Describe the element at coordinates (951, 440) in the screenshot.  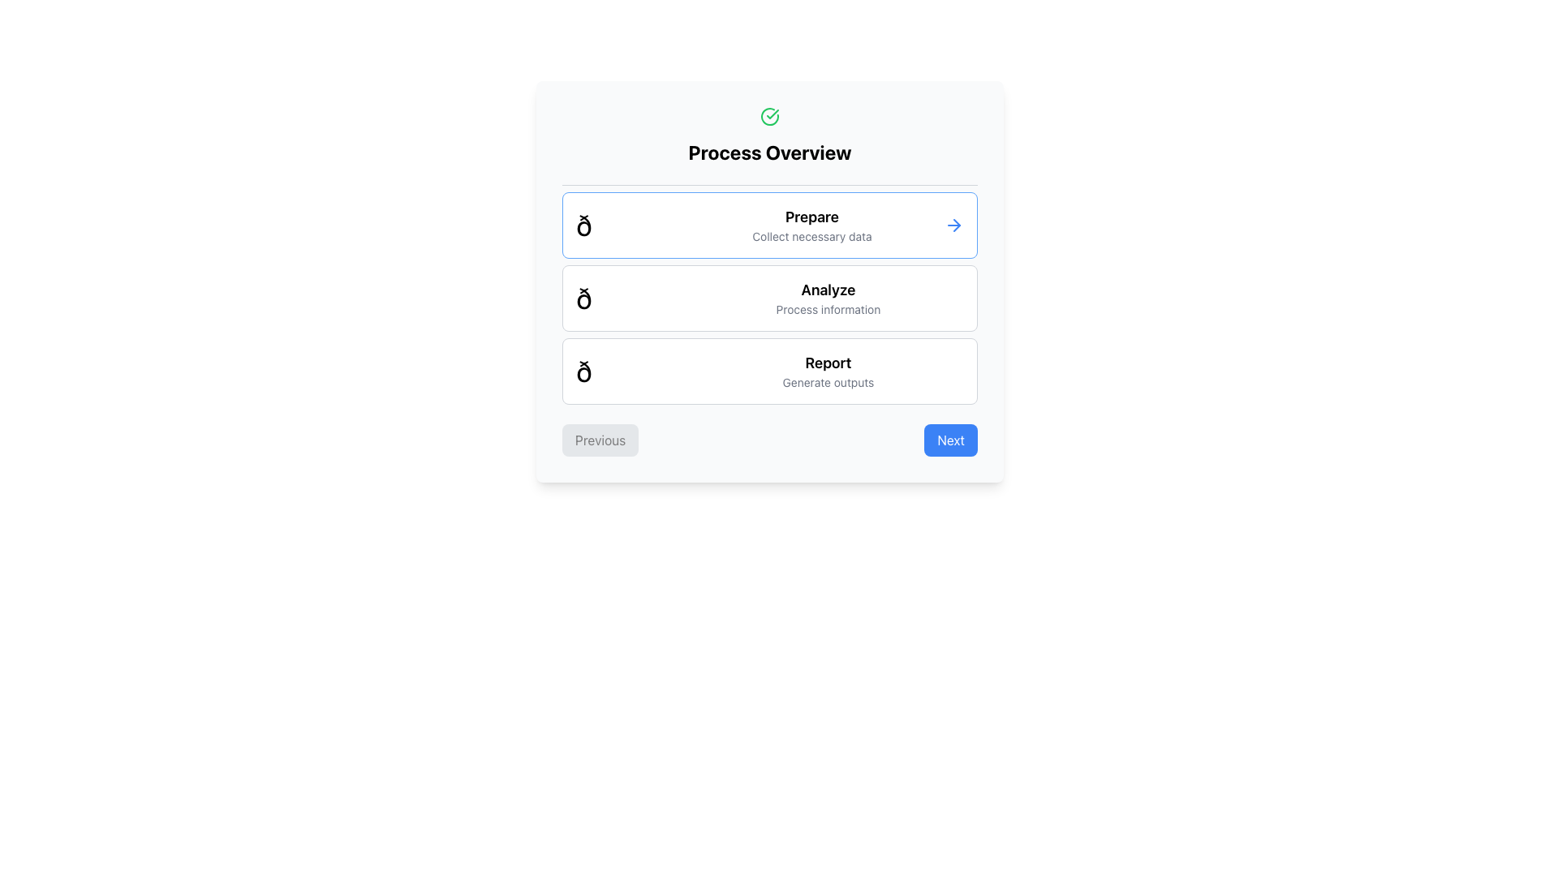
I see `the 'Next' button located at the bottom right section of the interface to visually change its state` at that location.